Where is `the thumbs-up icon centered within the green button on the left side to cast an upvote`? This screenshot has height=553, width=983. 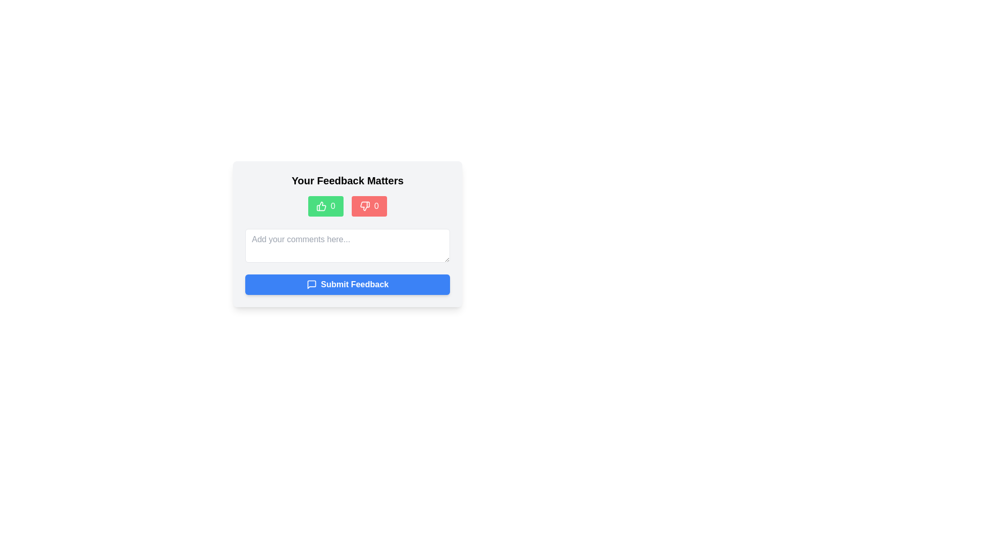
the thumbs-up icon centered within the green button on the left side to cast an upvote is located at coordinates (321, 206).